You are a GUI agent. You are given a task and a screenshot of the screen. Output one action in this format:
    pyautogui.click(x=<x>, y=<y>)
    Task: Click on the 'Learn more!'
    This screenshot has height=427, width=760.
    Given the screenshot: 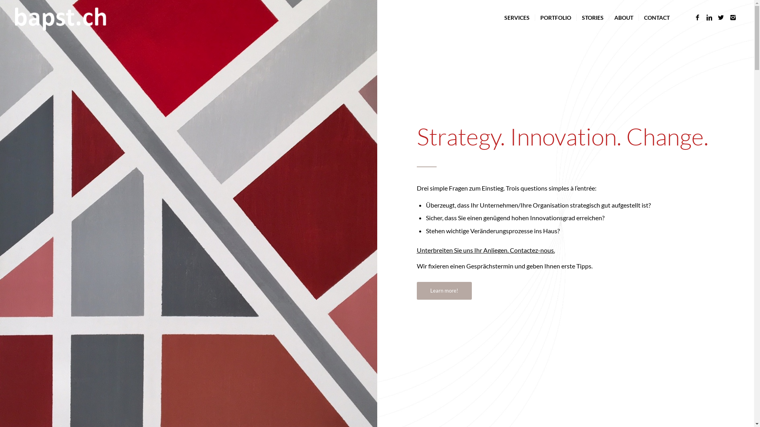 What is the action you would take?
    pyautogui.click(x=444, y=291)
    